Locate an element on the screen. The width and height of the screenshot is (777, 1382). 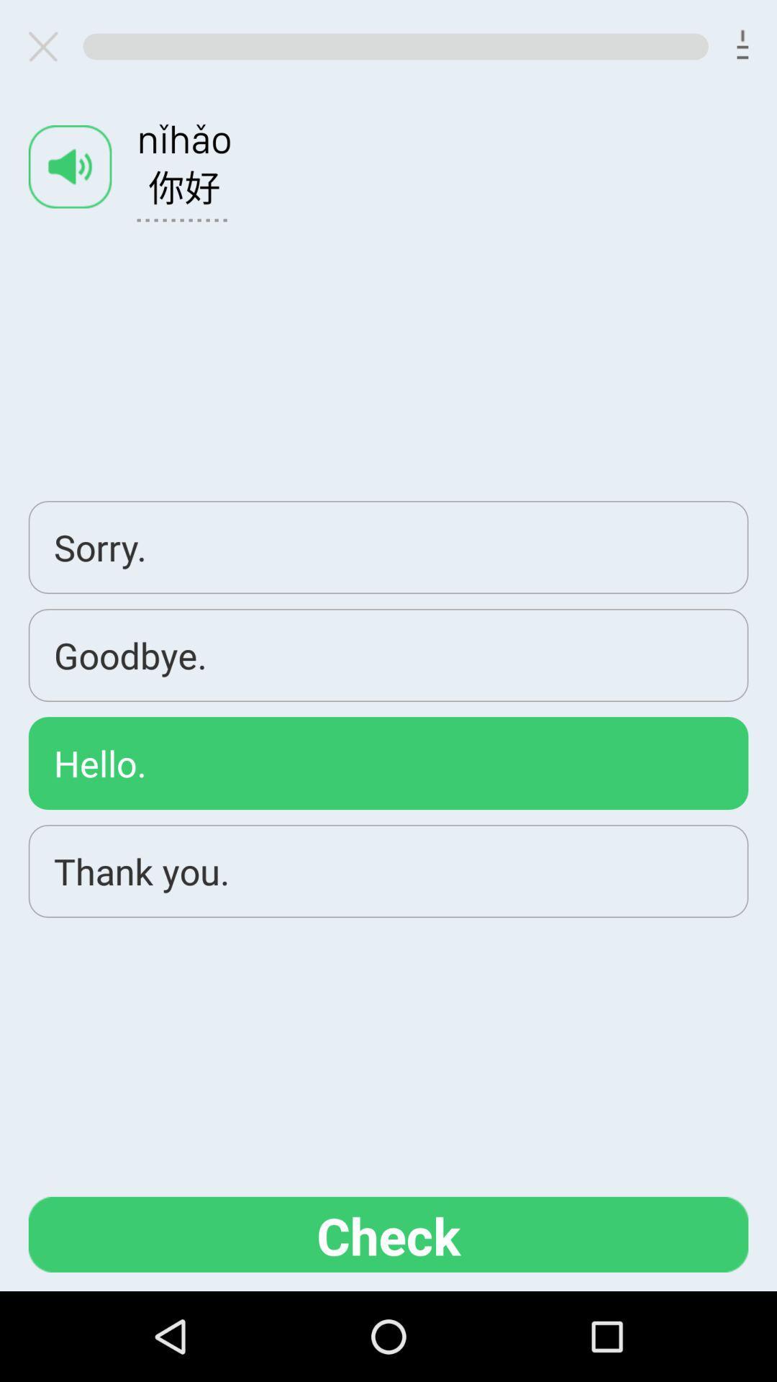
closes area is located at coordinates (48, 46).